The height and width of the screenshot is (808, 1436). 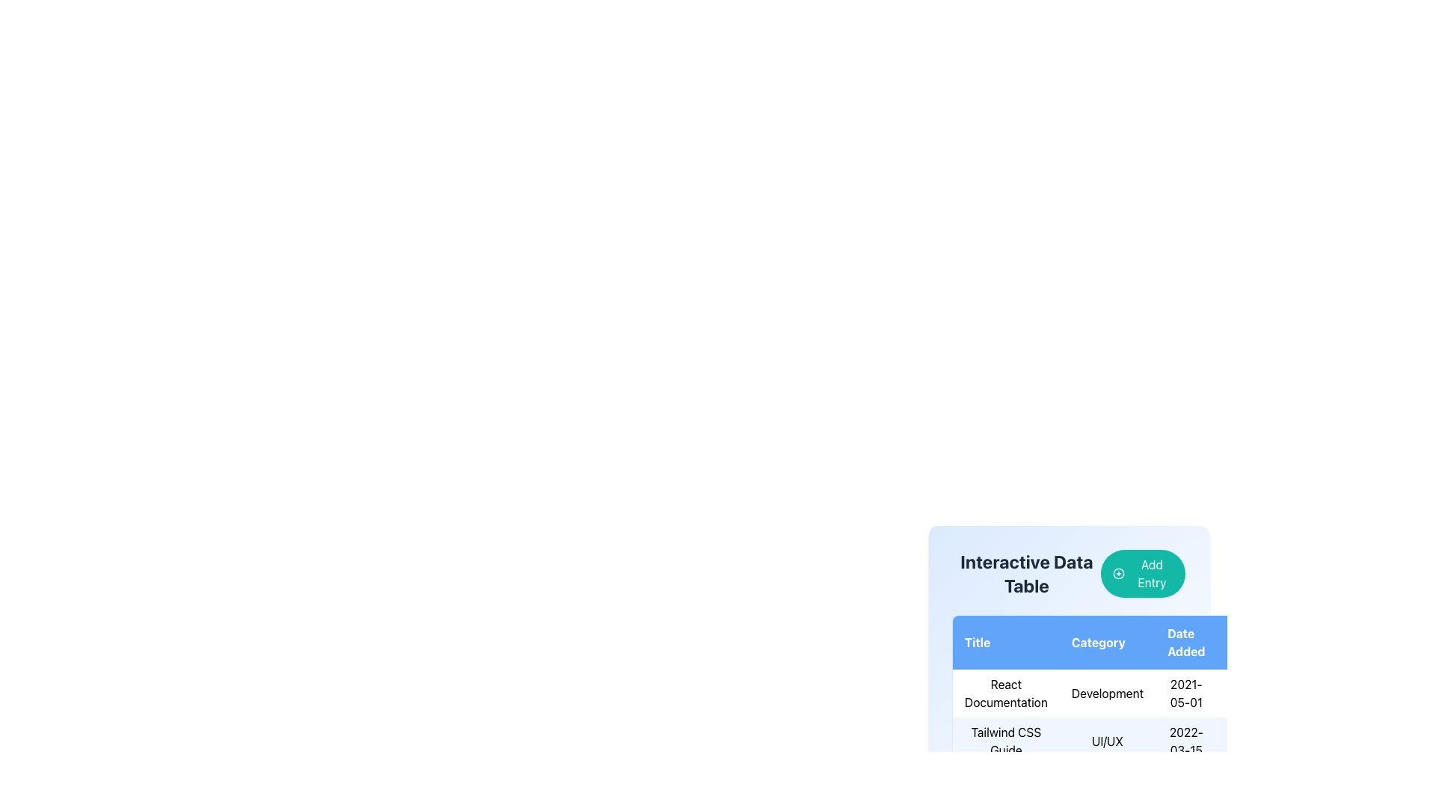 I want to click on the date display located in the last column of the 'Tailwind CSS Guide' row in the structured table, which shows the date formatted as '2022-03-15', so click(x=1185, y=741).